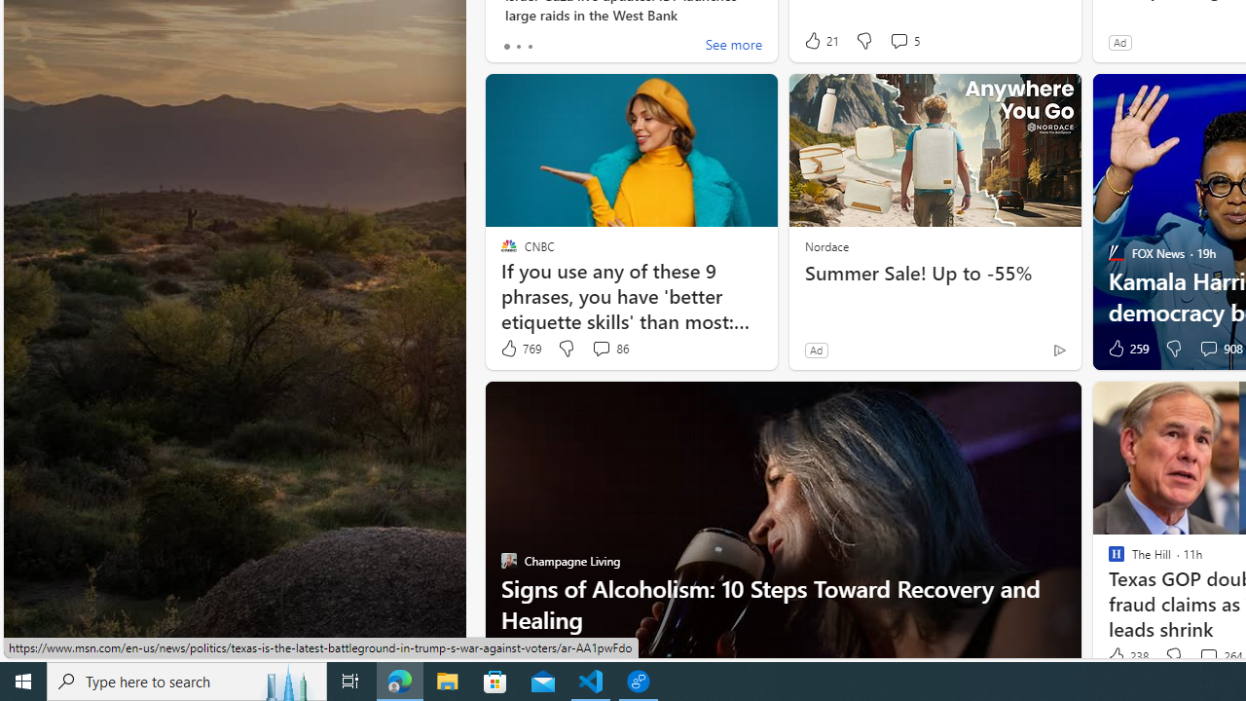  Describe the element at coordinates (1126, 348) in the screenshot. I see `'259 Like'` at that location.